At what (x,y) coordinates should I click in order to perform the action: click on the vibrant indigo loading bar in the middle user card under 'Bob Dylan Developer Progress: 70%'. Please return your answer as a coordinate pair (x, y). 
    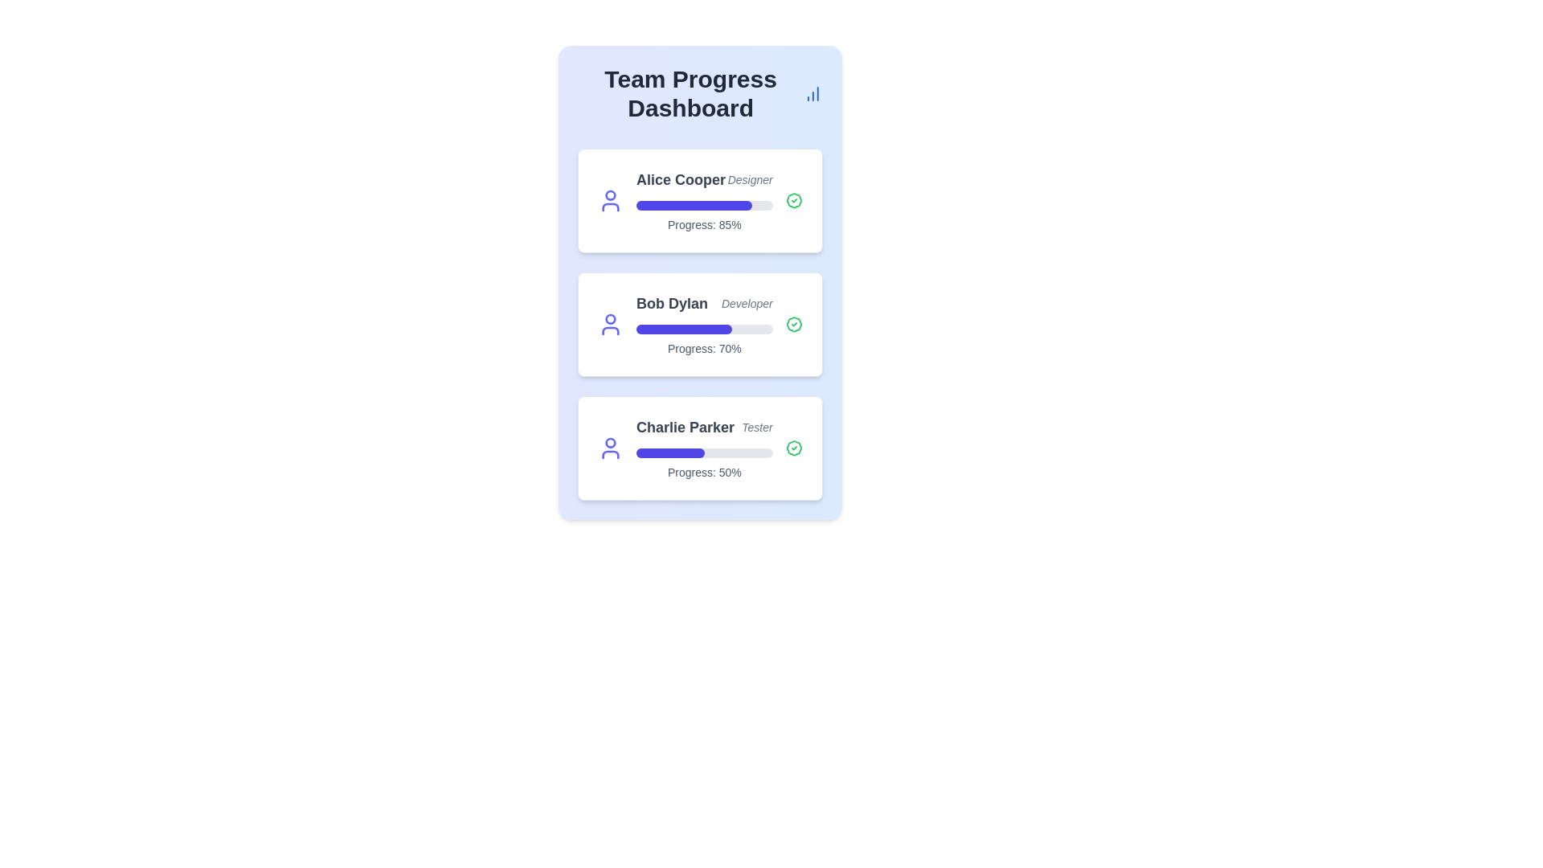
    Looking at the image, I should click on (684, 328).